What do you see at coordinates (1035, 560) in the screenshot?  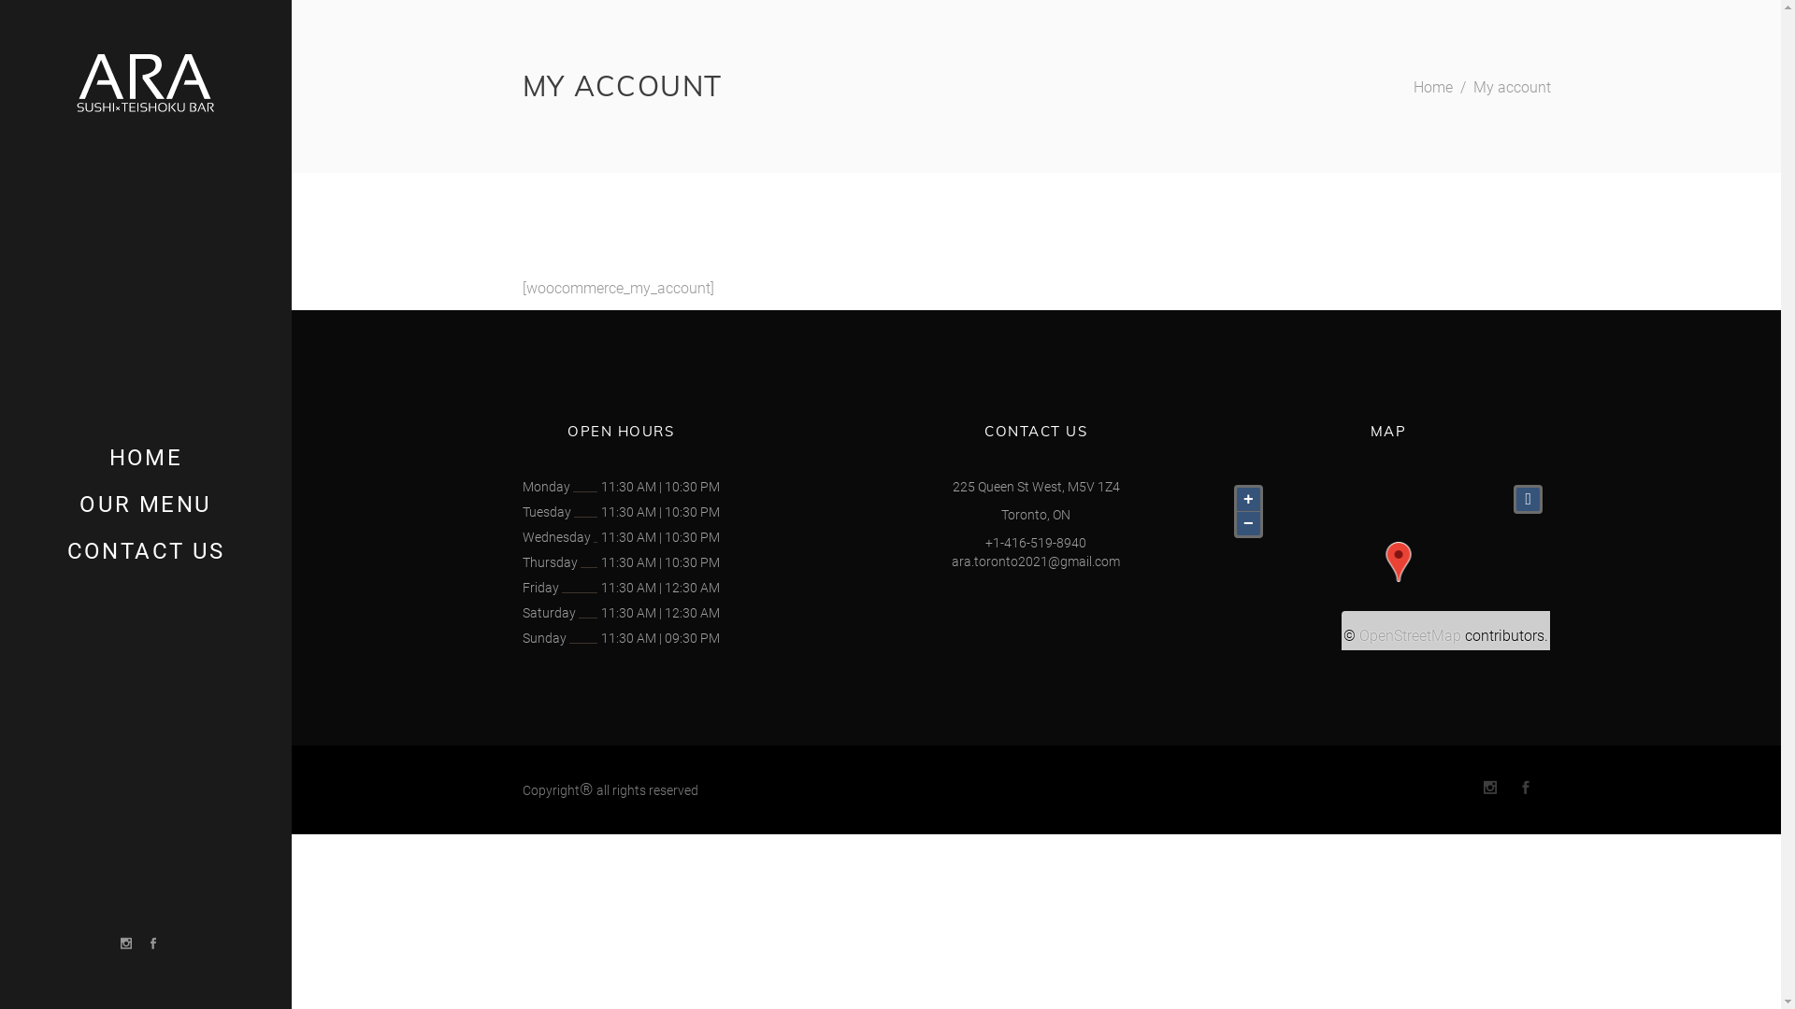 I see `'ara.toronto2021@gmail.com'` at bounding box center [1035, 560].